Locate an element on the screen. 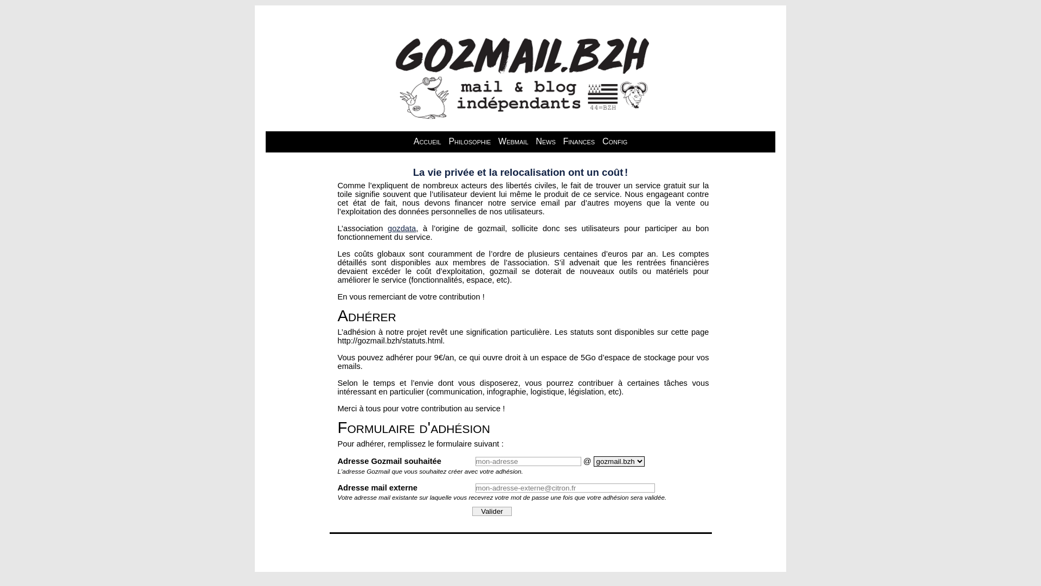 The image size is (1041, 586). 'News' is located at coordinates (533, 141).